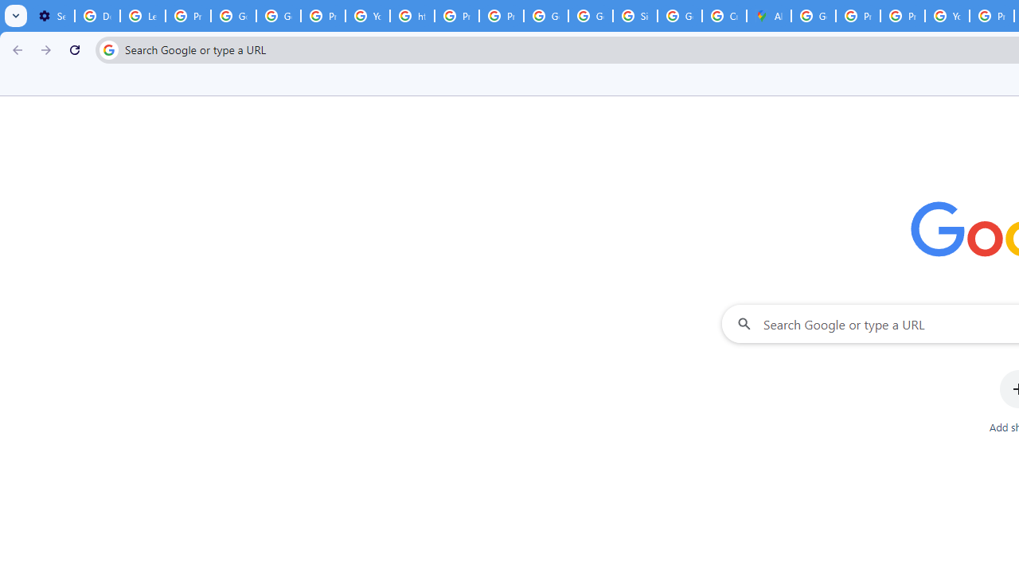  What do you see at coordinates (52, 16) in the screenshot?
I see `'Settings - On startup'` at bounding box center [52, 16].